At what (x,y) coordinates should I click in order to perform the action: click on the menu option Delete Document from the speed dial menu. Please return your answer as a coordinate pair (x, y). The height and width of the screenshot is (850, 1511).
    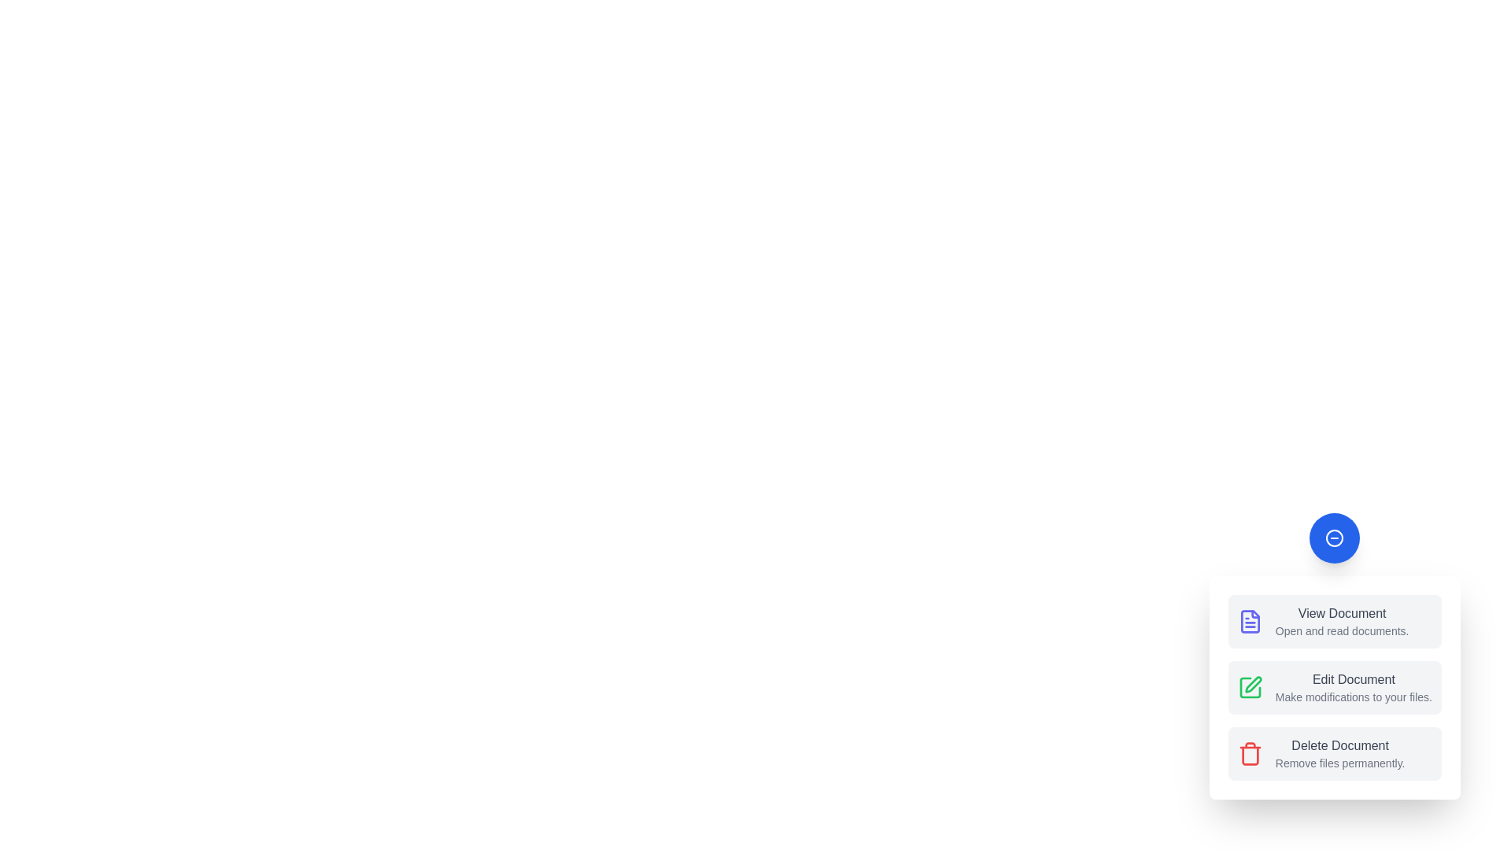
    Looking at the image, I should click on (1334, 752).